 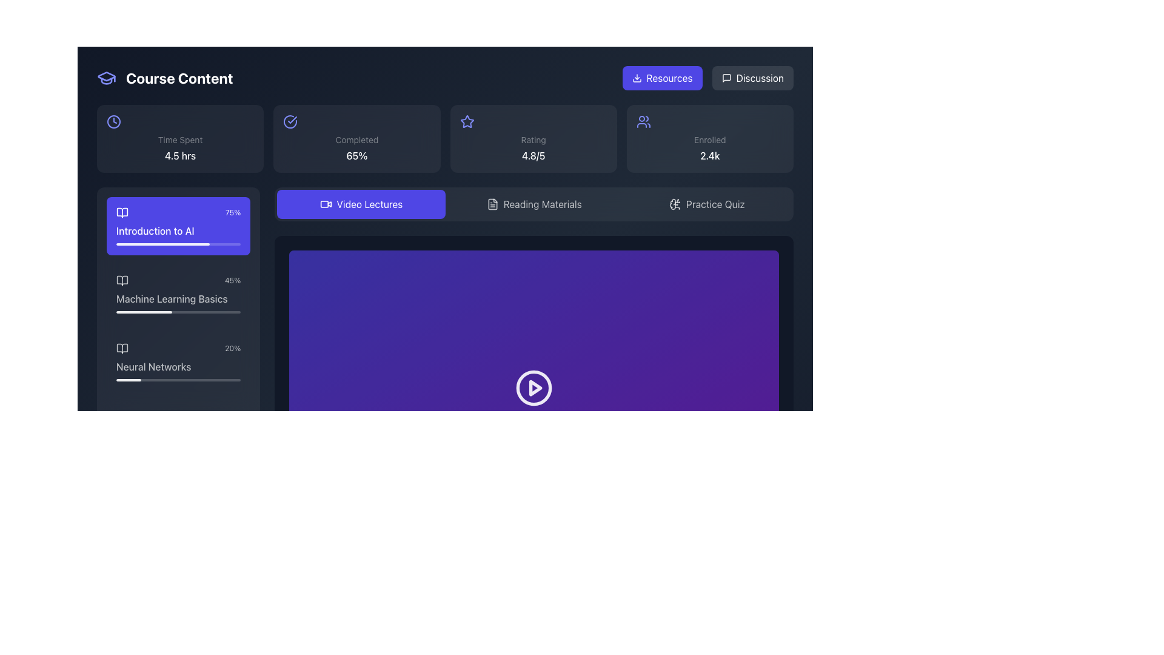 I want to click on the 'Reading Materials' icon, which signifies the section for reading materials in the toolbar, located between 'Video Lectures' and 'Practice Quiz', so click(x=492, y=203).